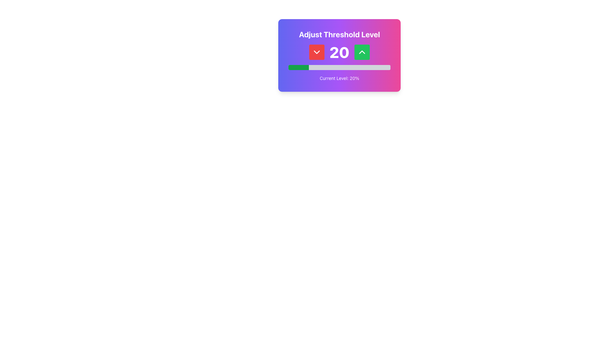 The width and height of the screenshot is (612, 344). I want to click on the Text Label that displays the current level status as a percentage, located at the bottom part of a card with a gradient background, so click(339, 78).